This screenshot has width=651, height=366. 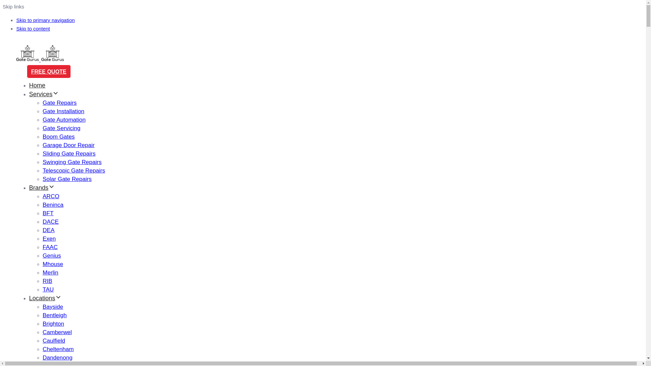 What do you see at coordinates (45, 20) in the screenshot?
I see `'Skip to primary navigation'` at bounding box center [45, 20].